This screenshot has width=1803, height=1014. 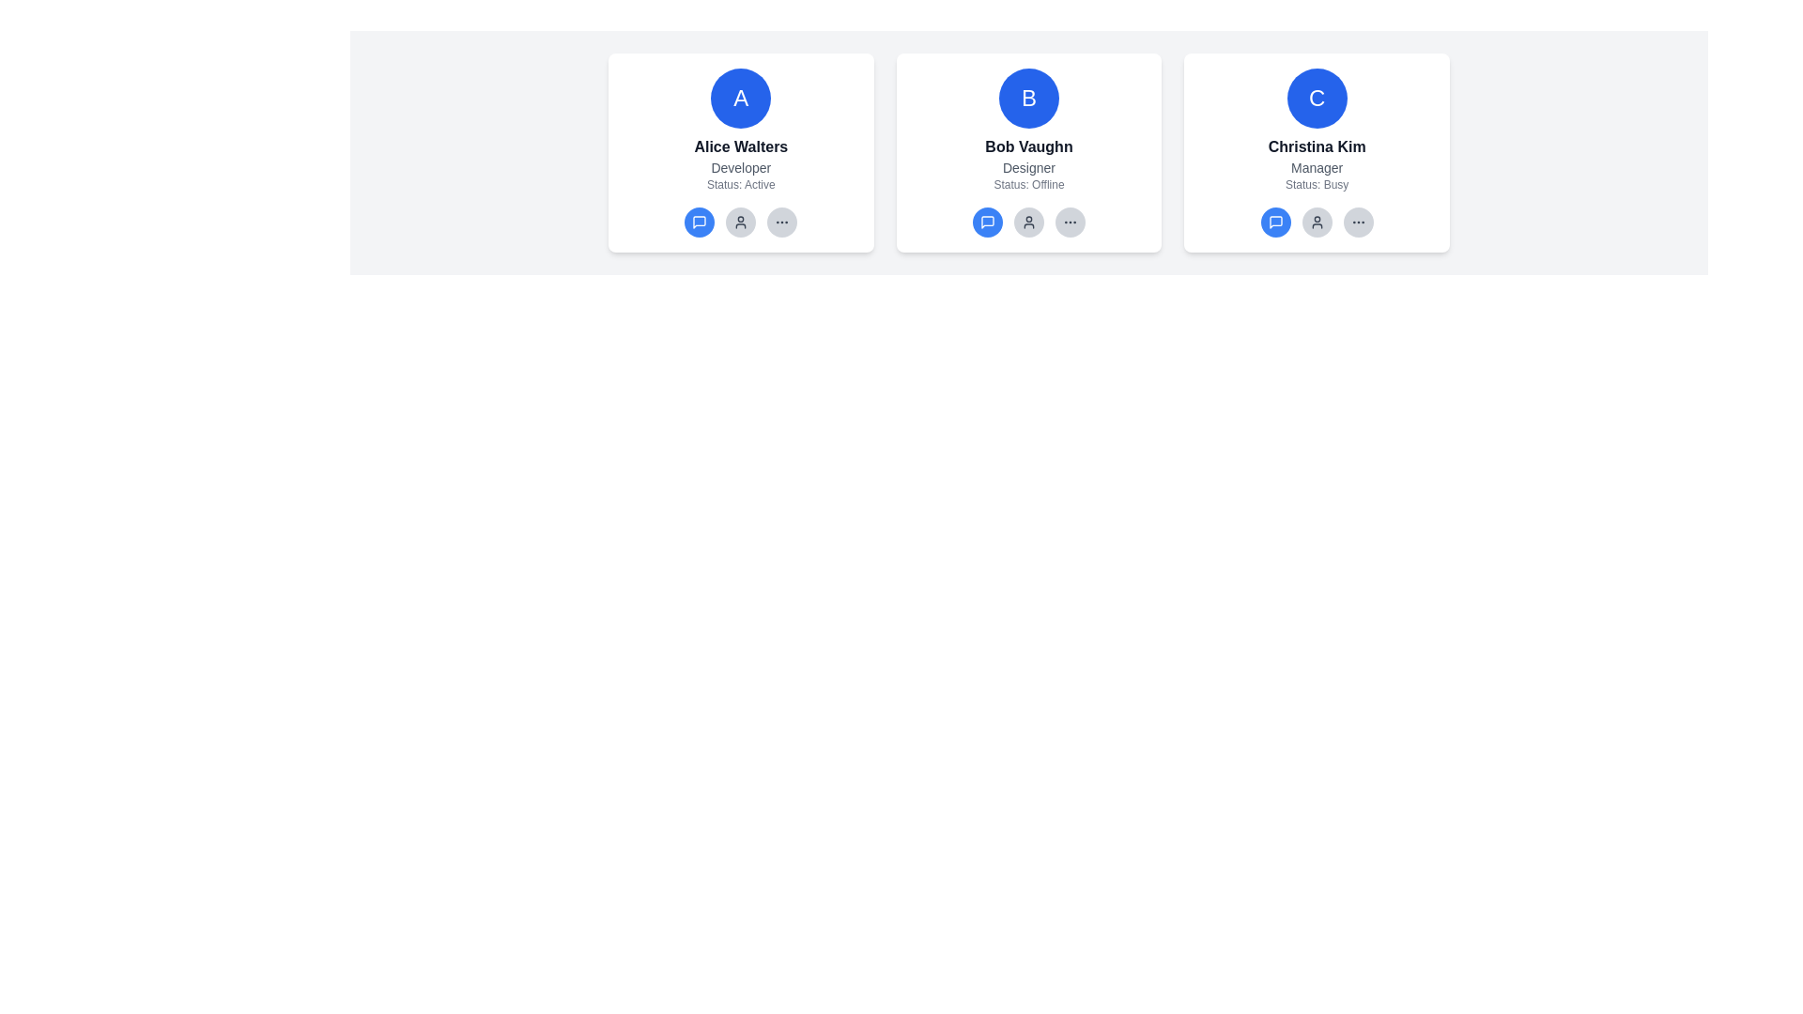 What do you see at coordinates (1027, 166) in the screenshot?
I see `the text label displaying 'Designer', which is styled in a small gray font and positioned beneath 'Bob Vaughn' in the profile card` at bounding box center [1027, 166].